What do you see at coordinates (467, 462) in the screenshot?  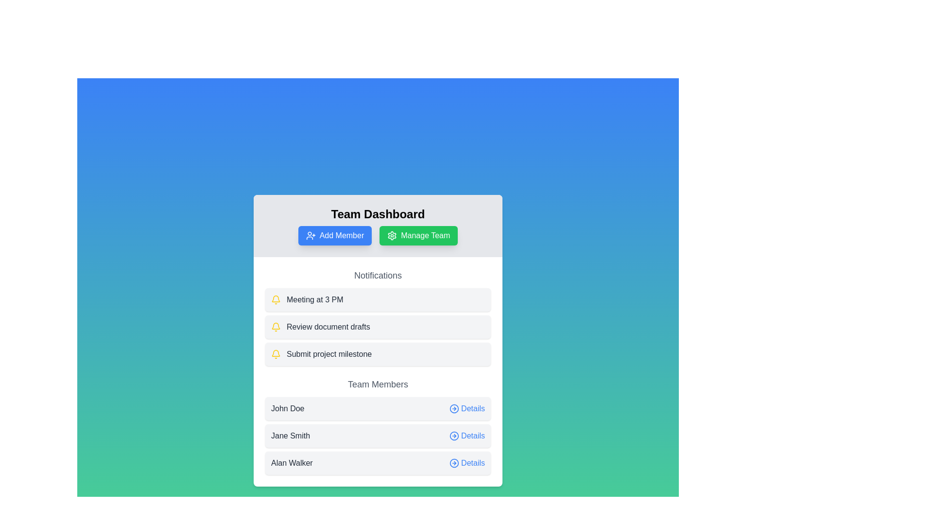 I see `the blue 'Details' link with a right arrow icon next to 'Alan Walker' in the Team Members list` at bounding box center [467, 462].